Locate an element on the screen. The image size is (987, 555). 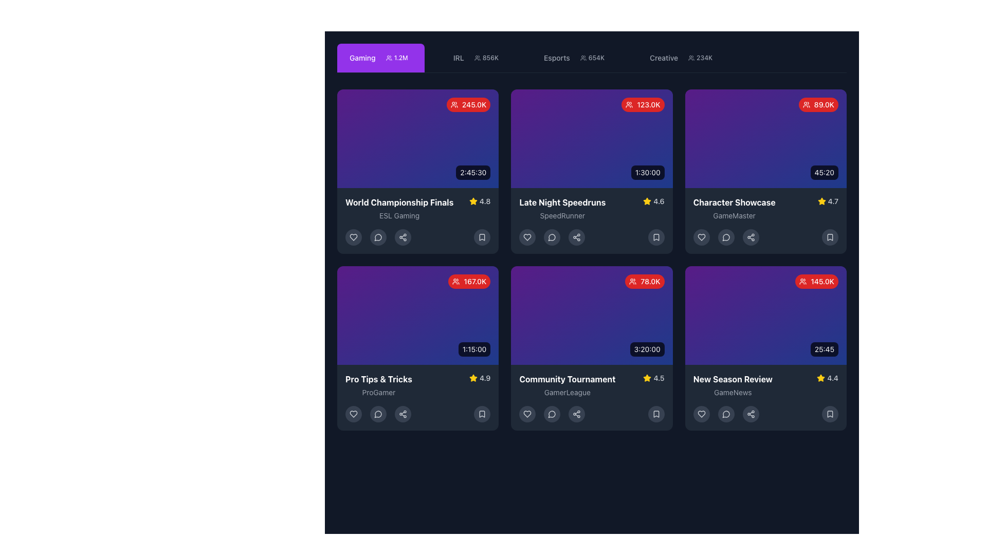
the rating component displaying an average score of 4.6 for the 'Late Night Speedruns' card, located in the bottom-right corner of the card is located at coordinates (653, 201).